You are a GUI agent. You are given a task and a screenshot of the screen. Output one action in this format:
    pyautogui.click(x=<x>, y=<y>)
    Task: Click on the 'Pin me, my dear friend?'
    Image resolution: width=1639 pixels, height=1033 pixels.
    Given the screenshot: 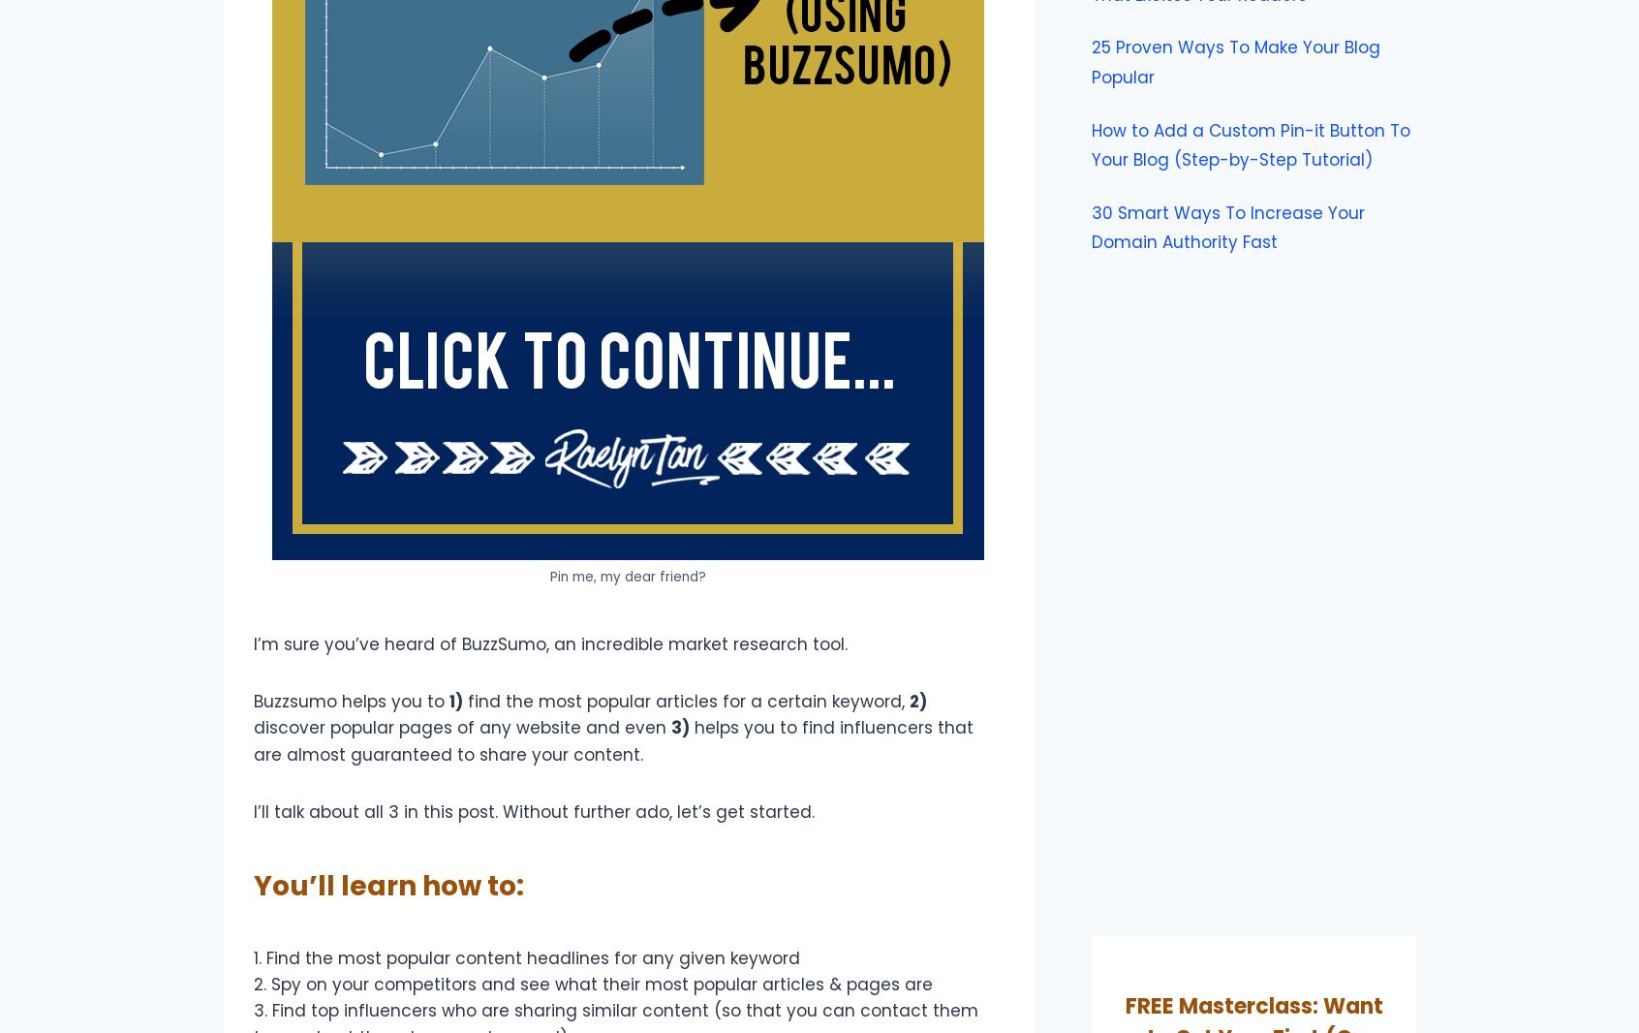 What is the action you would take?
    pyautogui.click(x=549, y=575)
    